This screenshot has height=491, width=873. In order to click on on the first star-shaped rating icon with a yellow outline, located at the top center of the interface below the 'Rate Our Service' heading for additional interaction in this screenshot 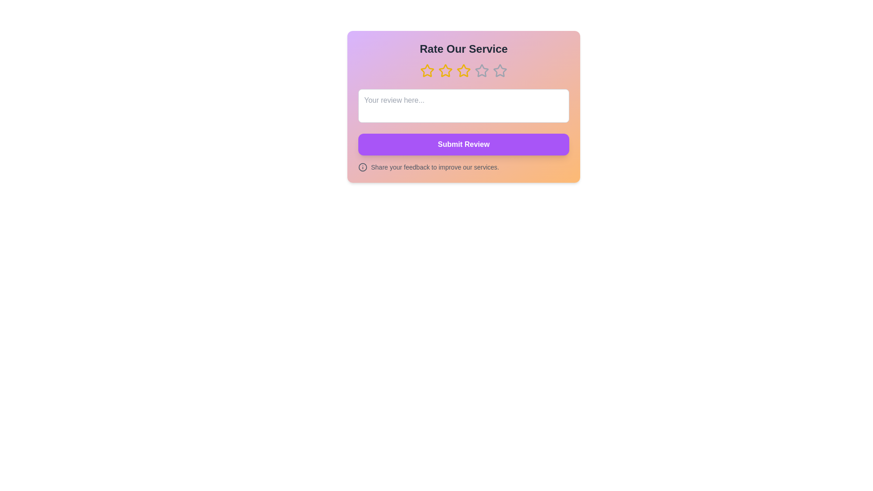, I will do `click(427, 70)`.